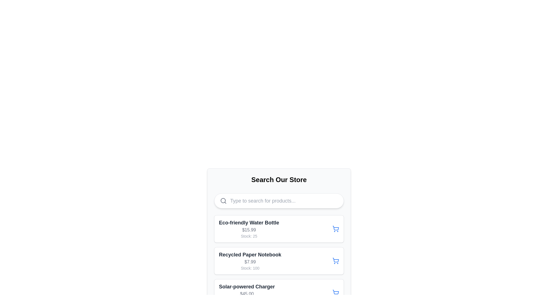 The height and width of the screenshot is (303, 539). Describe the element at coordinates (284, 201) in the screenshot. I see `the rectangular text input field with placeholder text 'Type to search for products...' to focus on it` at that location.